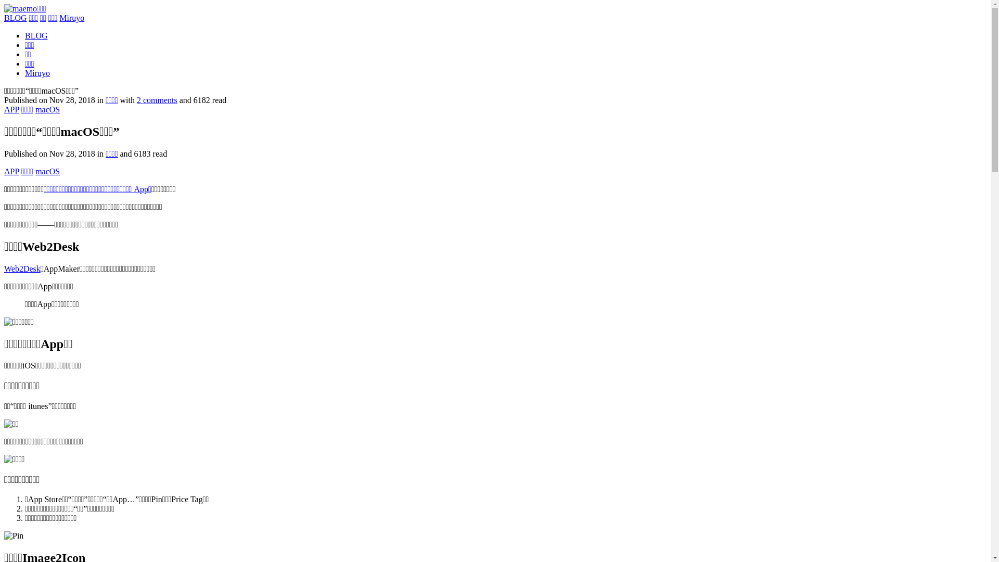 The height and width of the screenshot is (562, 999). I want to click on 'BLOG', so click(25, 35).